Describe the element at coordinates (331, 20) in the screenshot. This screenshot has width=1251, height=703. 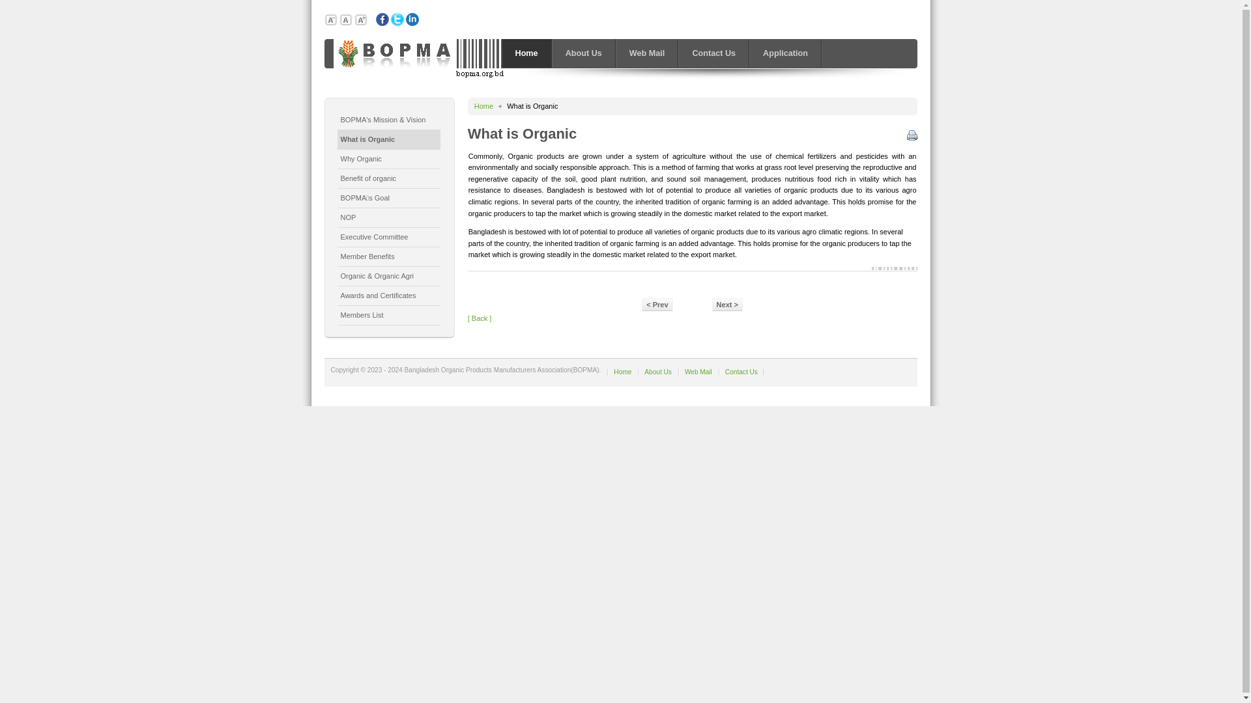
I see `'Decrease font size'` at that location.